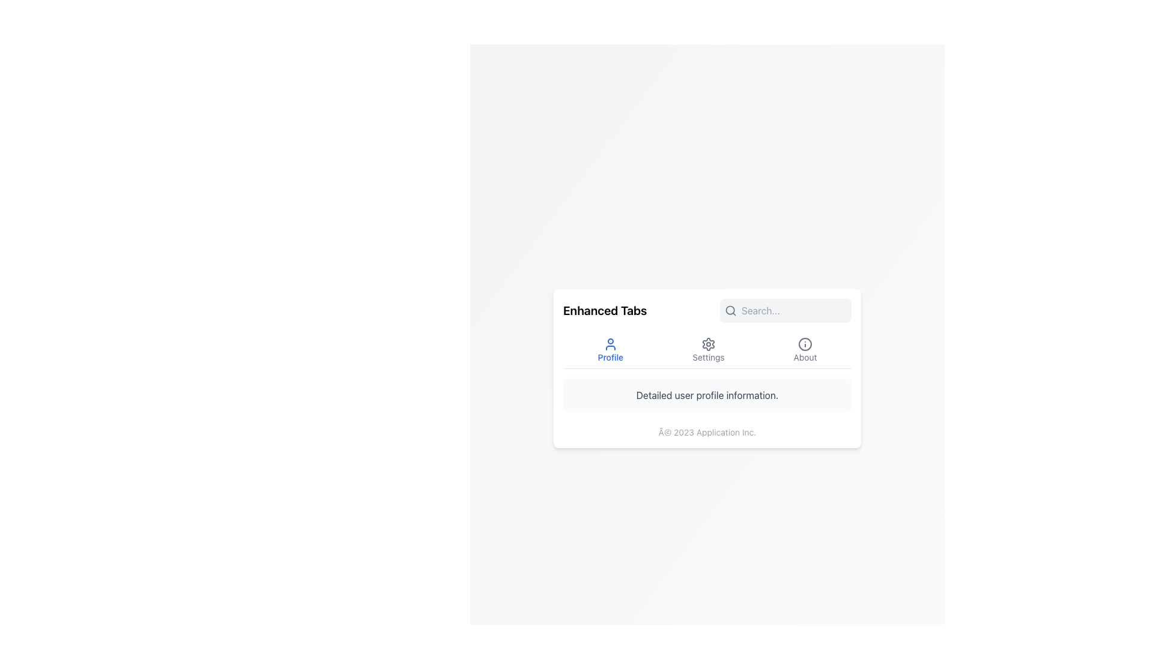  What do you see at coordinates (605, 310) in the screenshot?
I see `the 'Enhanced Tabs' text label element` at bounding box center [605, 310].